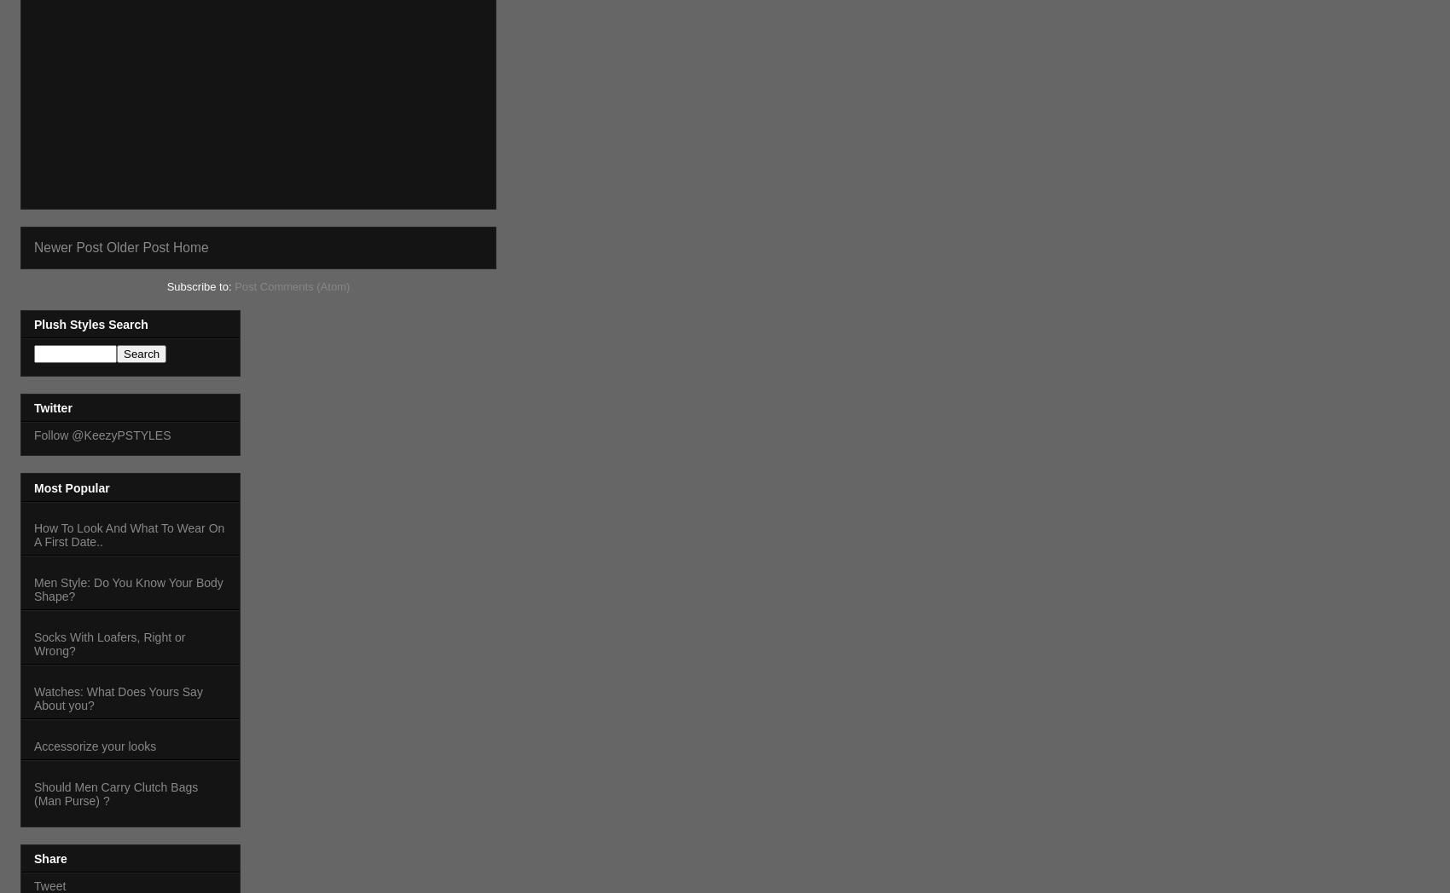 This screenshot has height=893, width=1450. What do you see at coordinates (127, 589) in the screenshot?
I see `'Men Style: Do You Know Your Body Shape?'` at bounding box center [127, 589].